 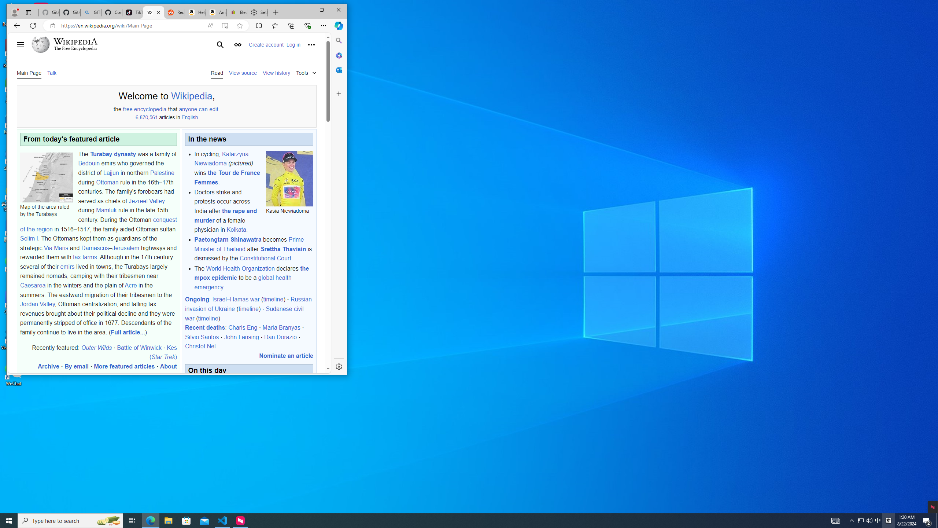 I want to click on 'Sudanese civil war', so click(x=244, y=313).